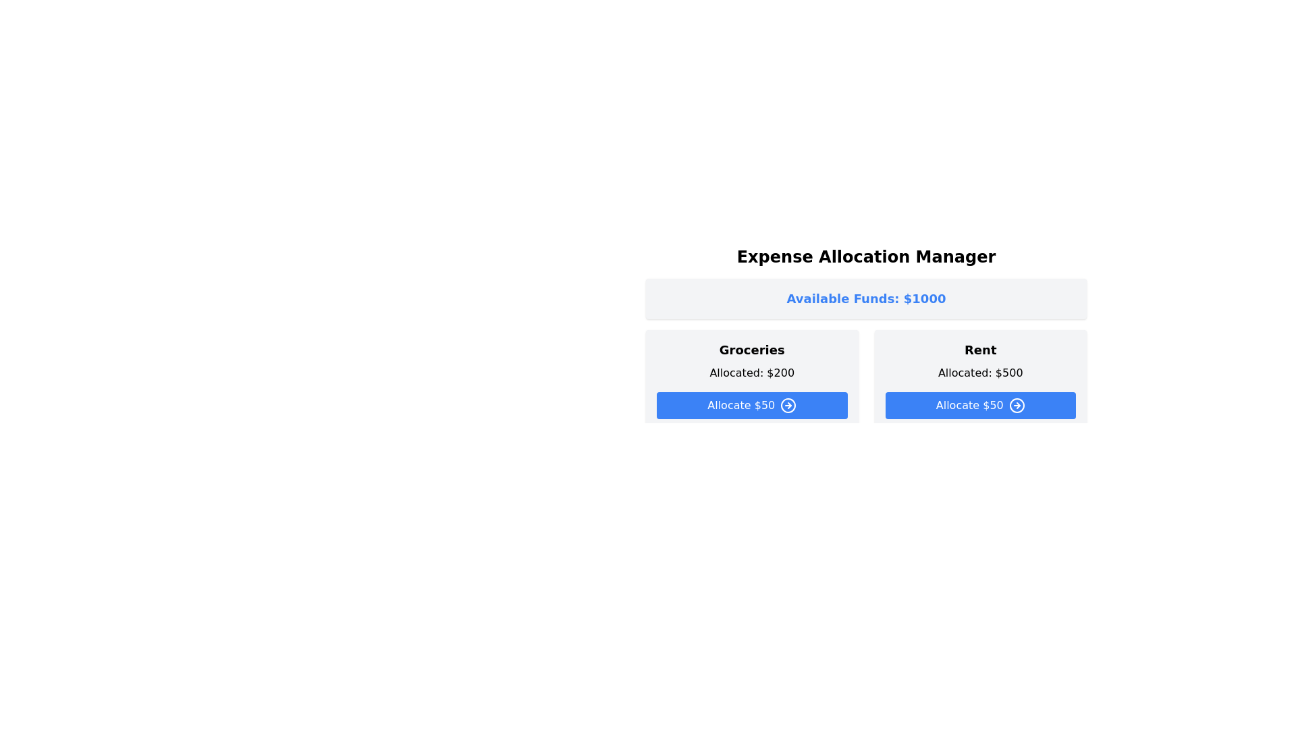  Describe the element at coordinates (866, 298) in the screenshot. I see `the text label displaying 'Available Funds: $1000' which is in a bold blue font on a light gray background, positioned below the title 'Expense Allocation Manager.'` at that location.